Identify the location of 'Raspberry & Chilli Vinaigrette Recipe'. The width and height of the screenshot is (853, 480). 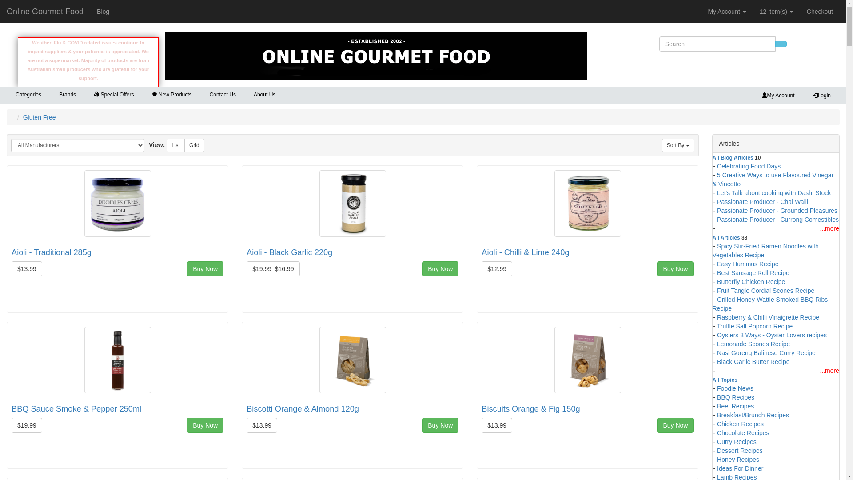
(767, 316).